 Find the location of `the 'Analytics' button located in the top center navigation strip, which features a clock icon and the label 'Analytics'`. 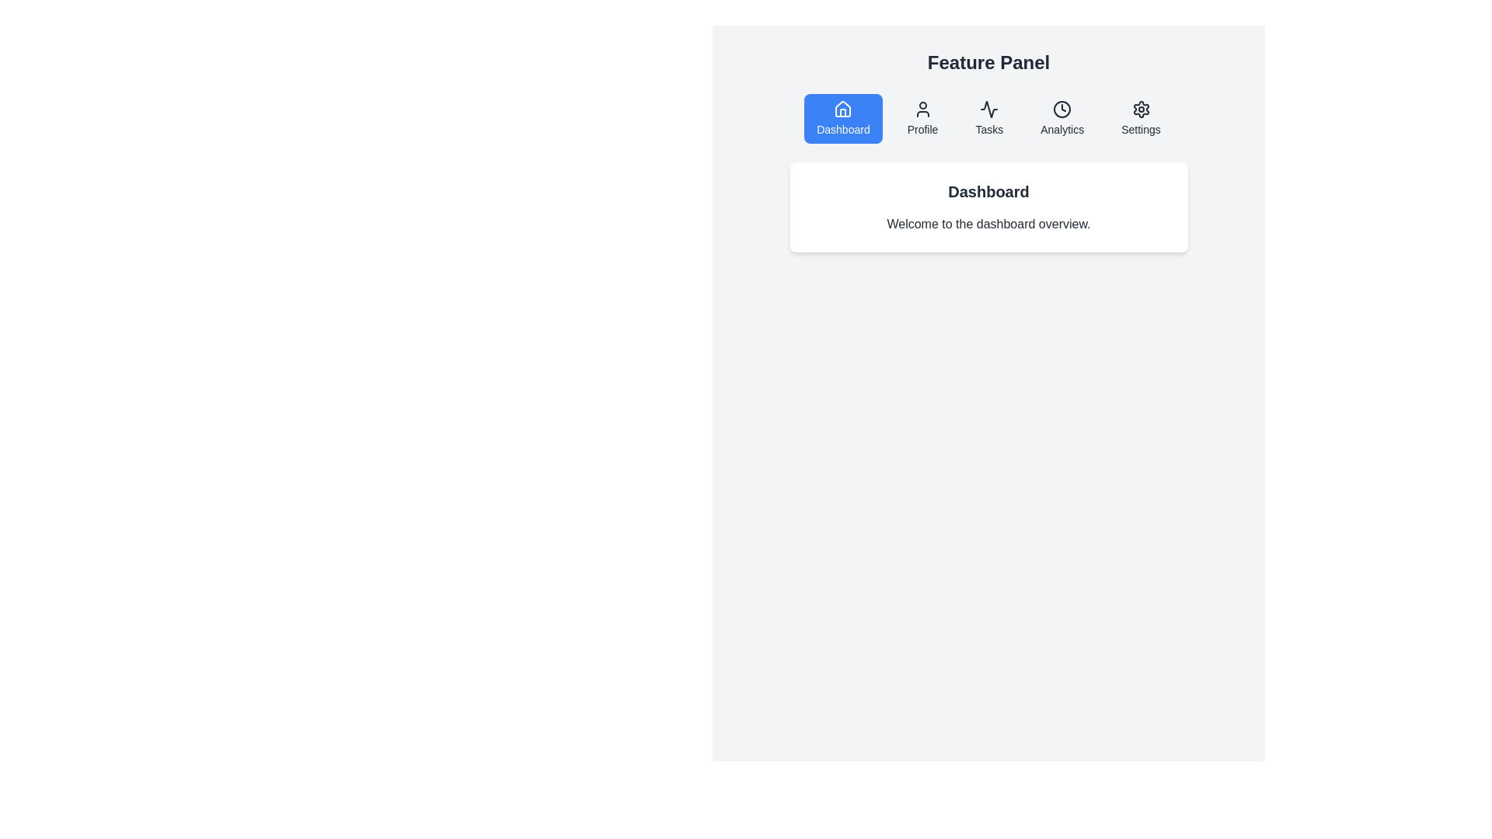

the 'Analytics' button located in the top center navigation strip, which features a clock icon and the label 'Analytics' is located at coordinates (1061, 118).